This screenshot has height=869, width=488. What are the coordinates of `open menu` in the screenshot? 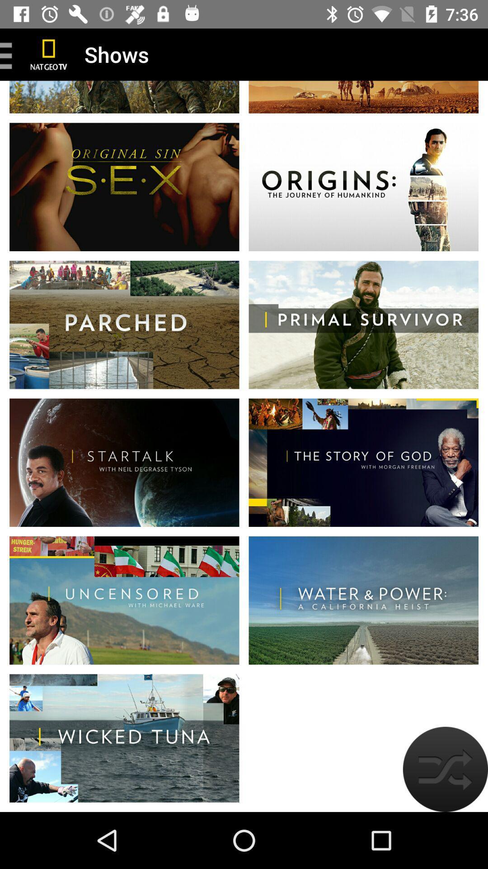 It's located at (9, 54).